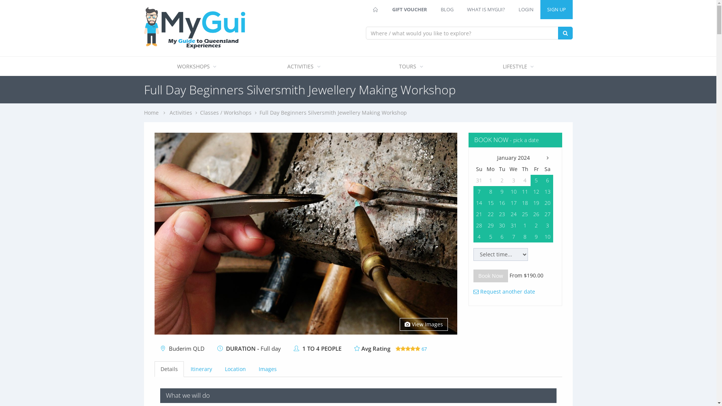 This screenshot has width=722, height=406. Describe the element at coordinates (447, 9) in the screenshot. I see `'BLOG'` at that location.